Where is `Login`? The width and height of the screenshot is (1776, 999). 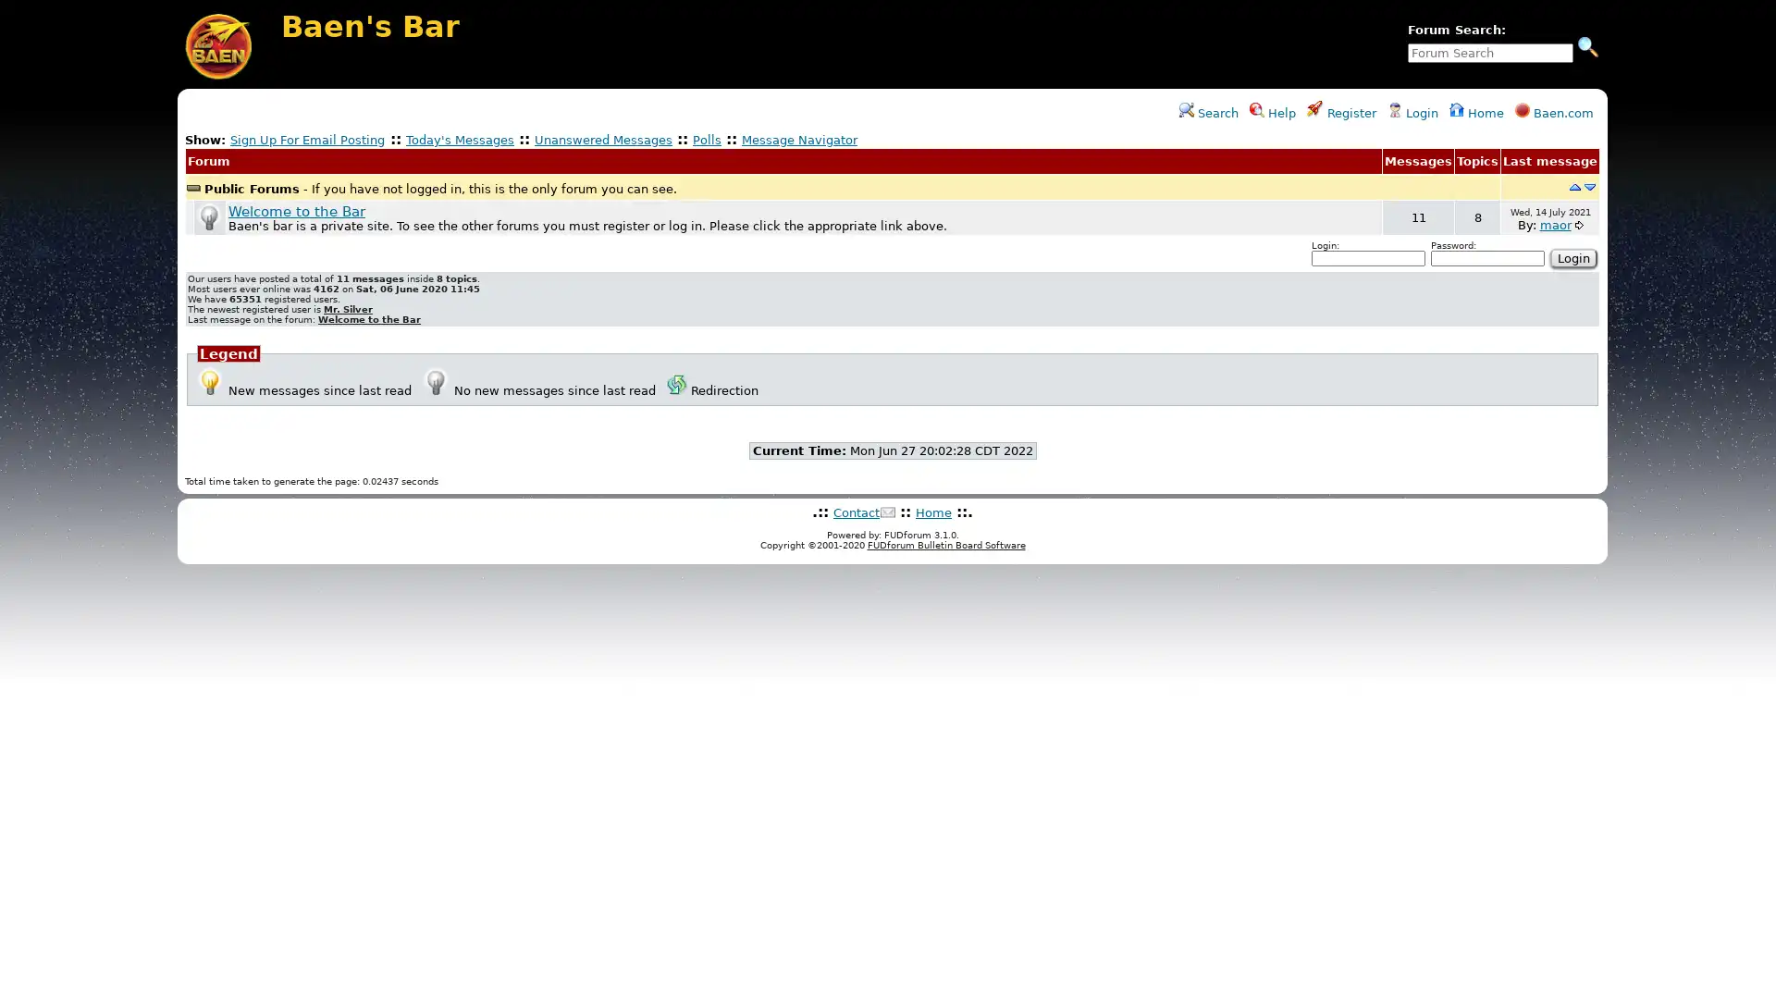
Login is located at coordinates (1572, 258).